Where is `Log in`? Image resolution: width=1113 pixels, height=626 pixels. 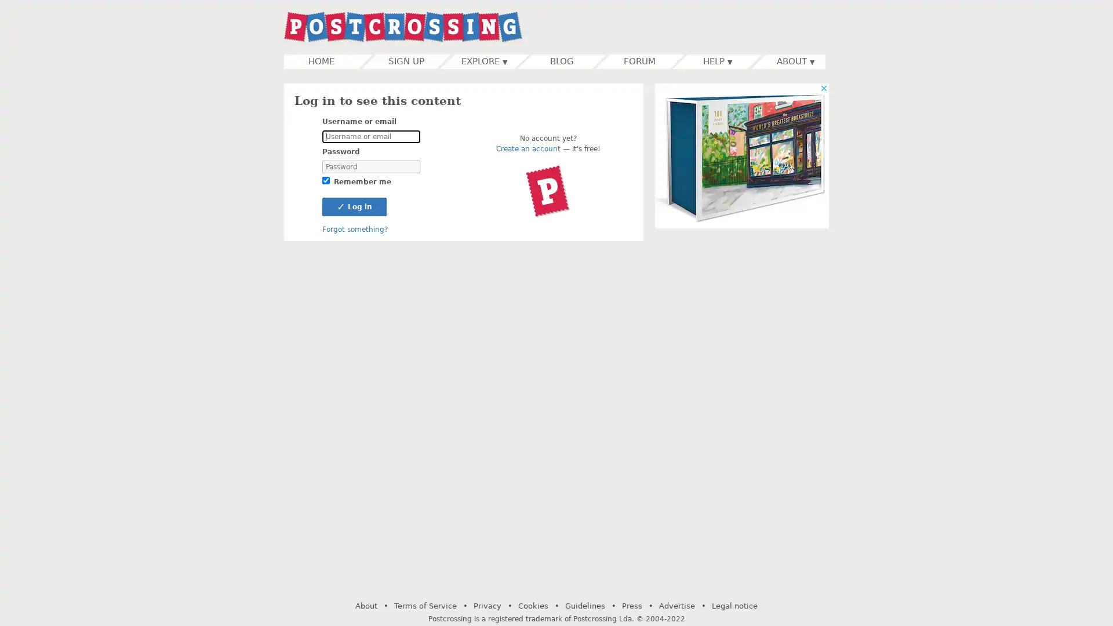
Log in is located at coordinates (354, 206).